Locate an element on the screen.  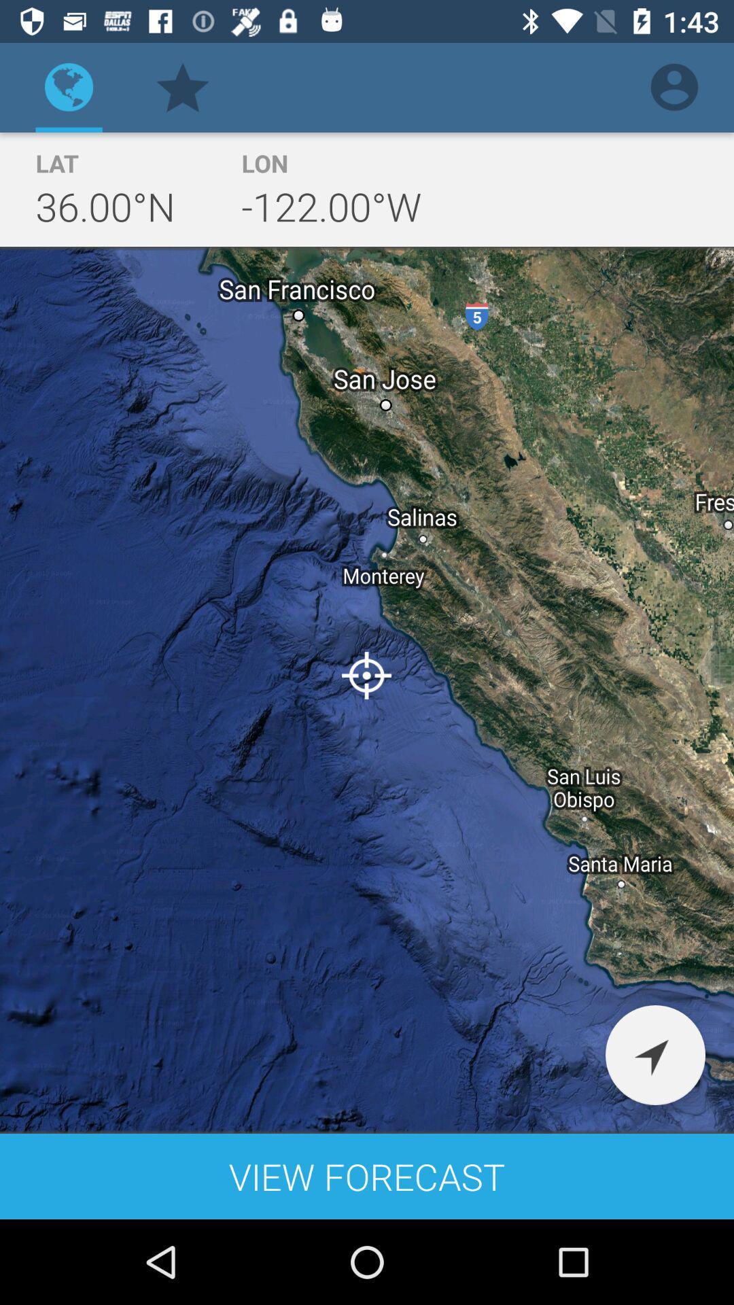
the view forecast icon is located at coordinates (367, 1176).